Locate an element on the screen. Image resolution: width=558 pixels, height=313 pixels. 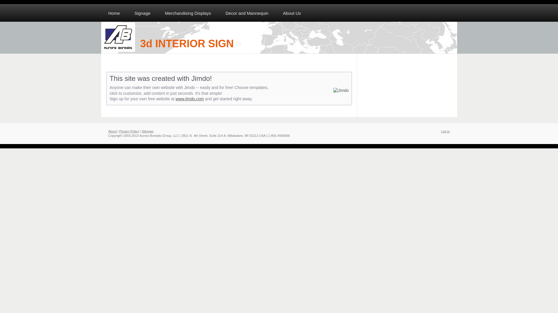
'Privacy Policy' is located at coordinates (129, 131).